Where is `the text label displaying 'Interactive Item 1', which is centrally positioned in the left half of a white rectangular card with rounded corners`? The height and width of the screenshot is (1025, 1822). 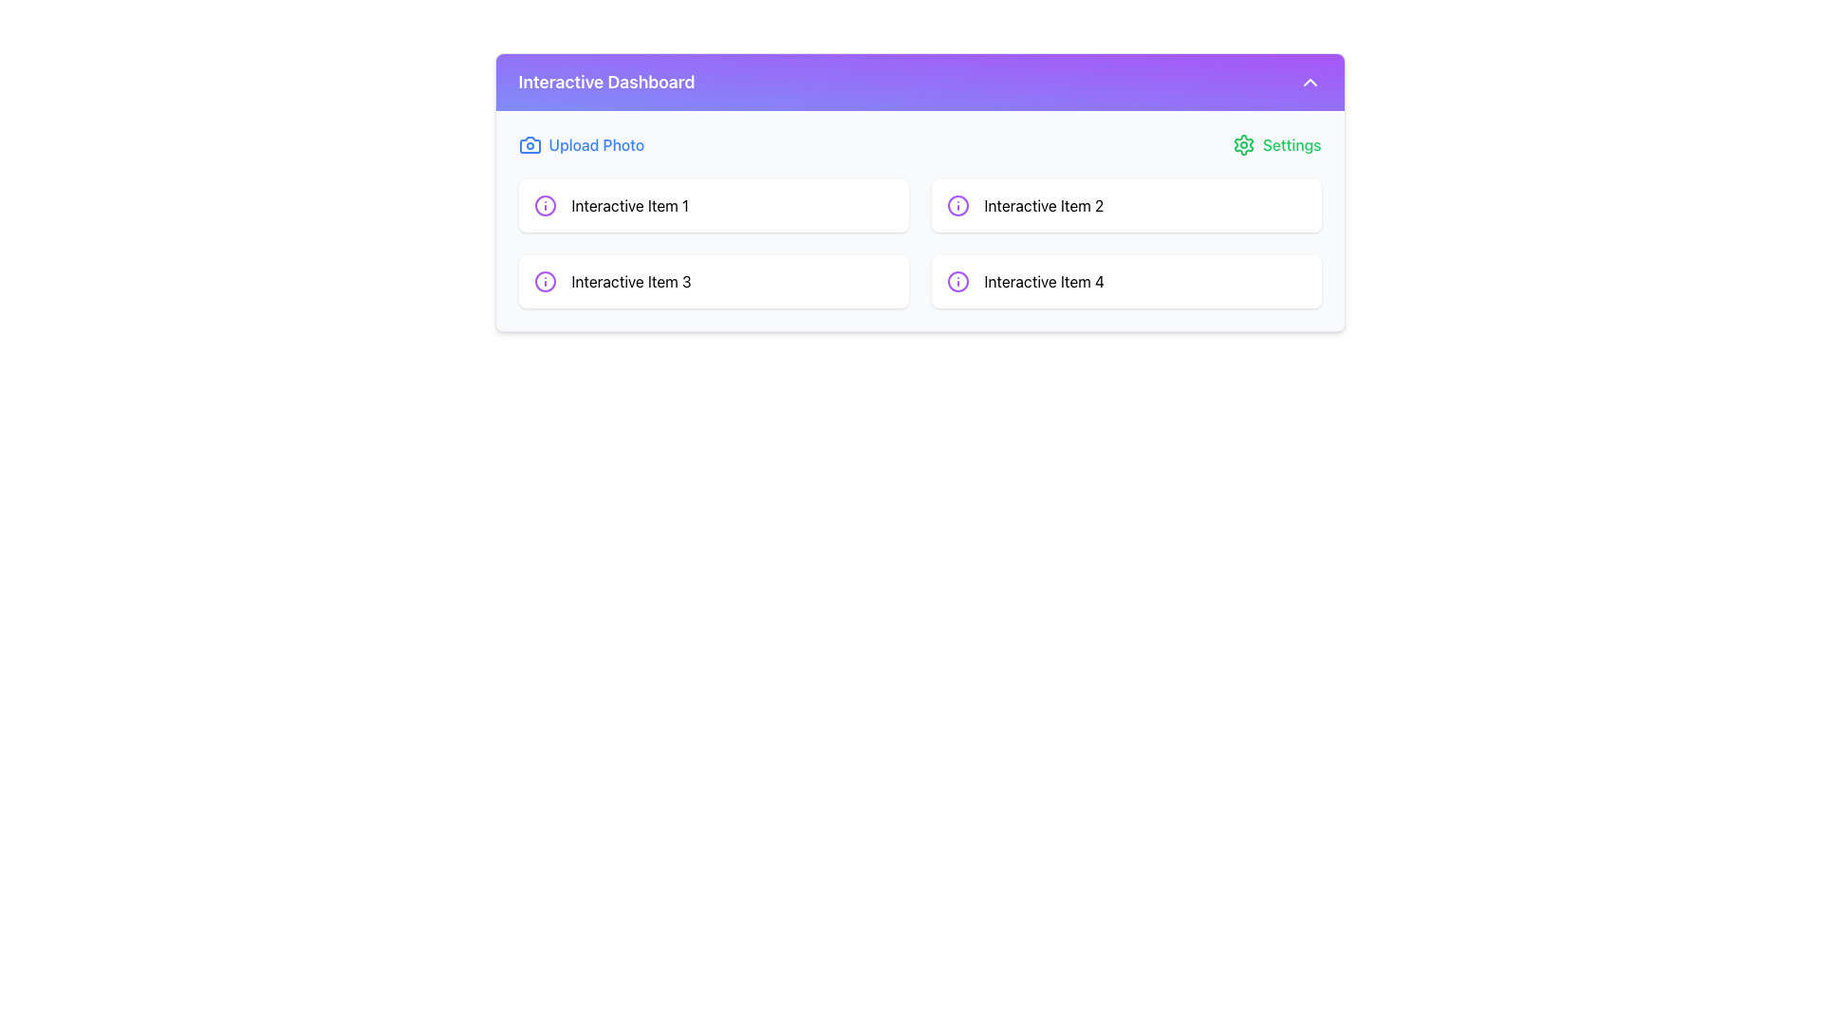 the text label displaying 'Interactive Item 1', which is centrally positioned in the left half of a white rectangular card with rounded corners is located at coordinates (630, 205).